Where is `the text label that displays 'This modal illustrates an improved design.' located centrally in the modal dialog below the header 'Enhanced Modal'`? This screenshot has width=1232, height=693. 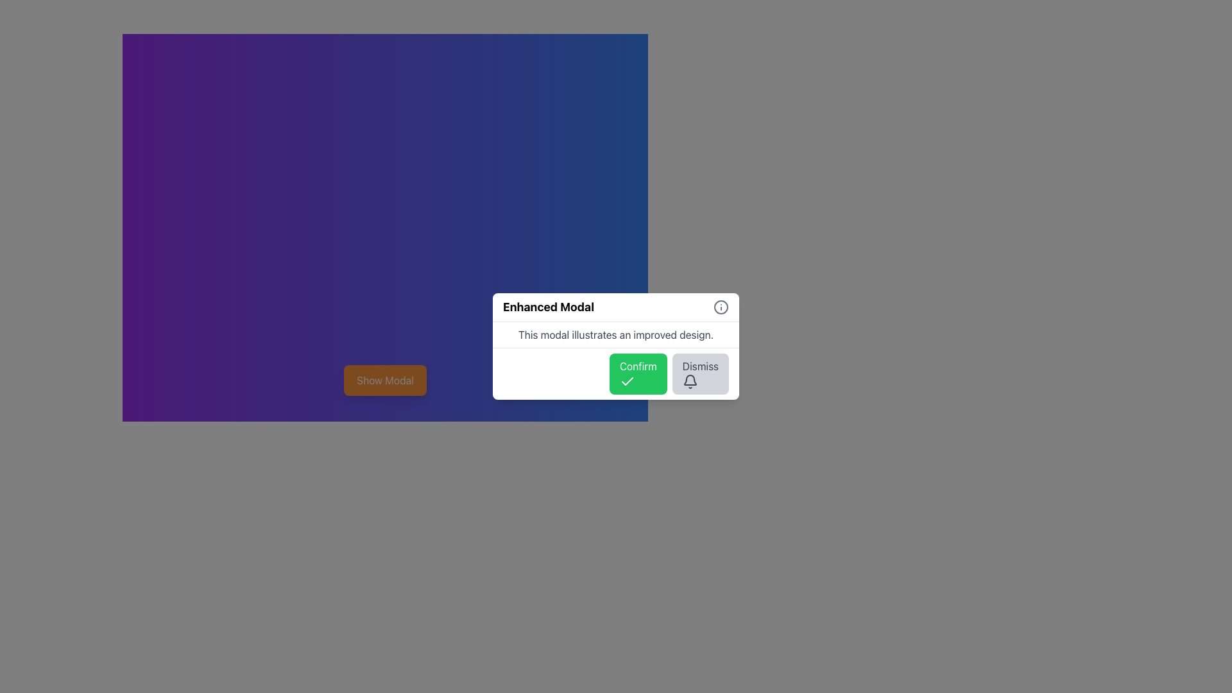 the text label that displays 'This modal illustrates an improved design.' located centrally in the modal dialog below the header 'Enhanced Modal' is located at coordinates (616, 334).